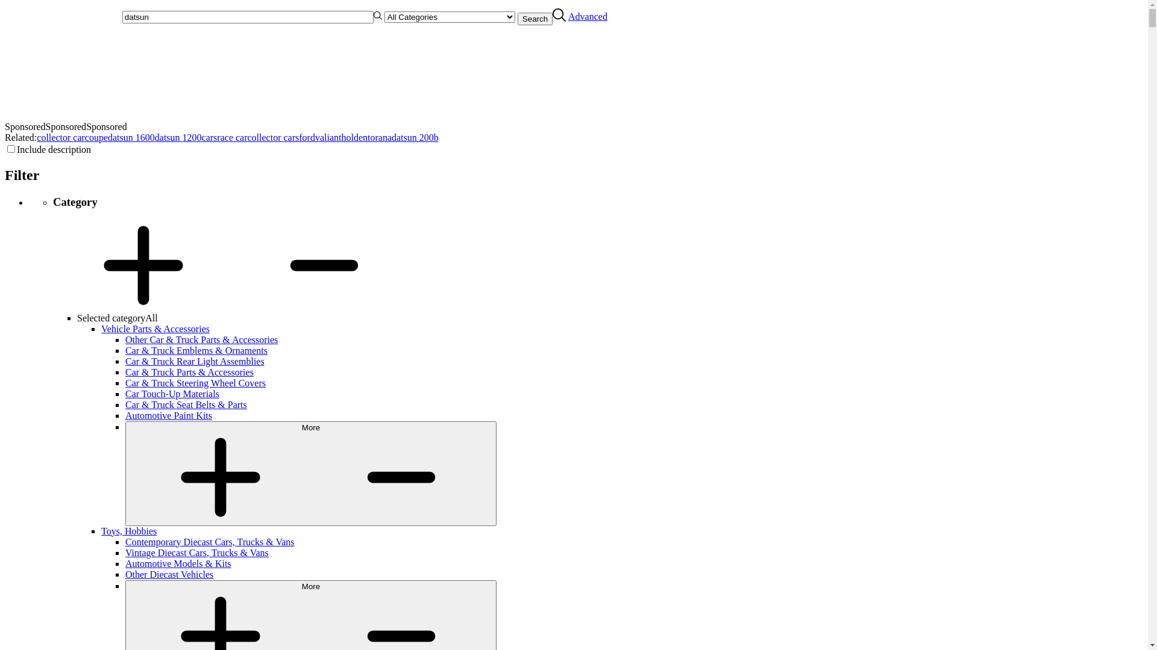 The width and height of the screenshot is (1157, 650). Describe the element at coordinates (178, 137) in the screenshot. I see `'datsun 1200'` at that location.